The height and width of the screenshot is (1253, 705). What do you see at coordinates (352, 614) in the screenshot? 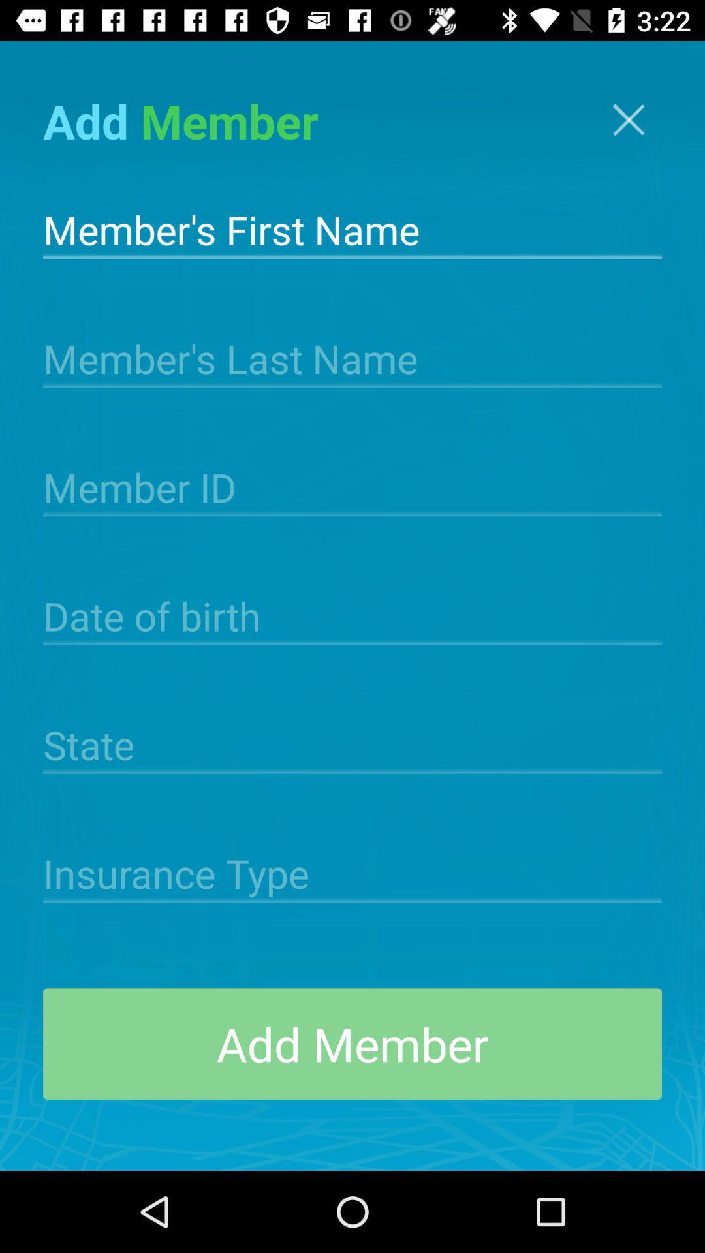
I see `date of birth text field` at bounding box center [352, 614].